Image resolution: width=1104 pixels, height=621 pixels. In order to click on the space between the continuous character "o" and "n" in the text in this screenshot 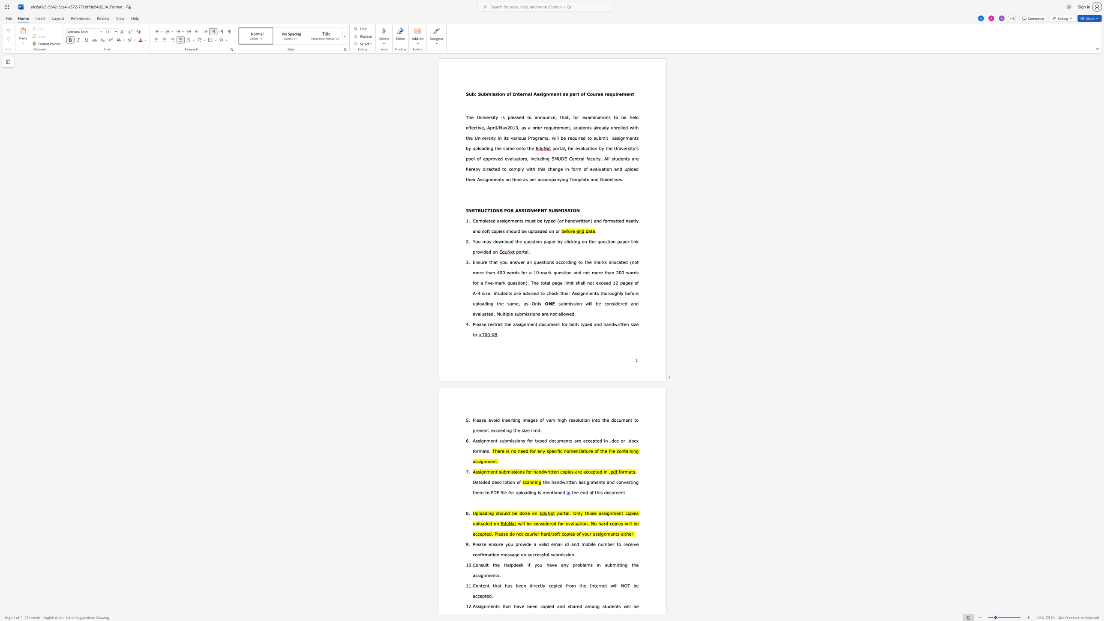, I will do `click(502, 94)`.